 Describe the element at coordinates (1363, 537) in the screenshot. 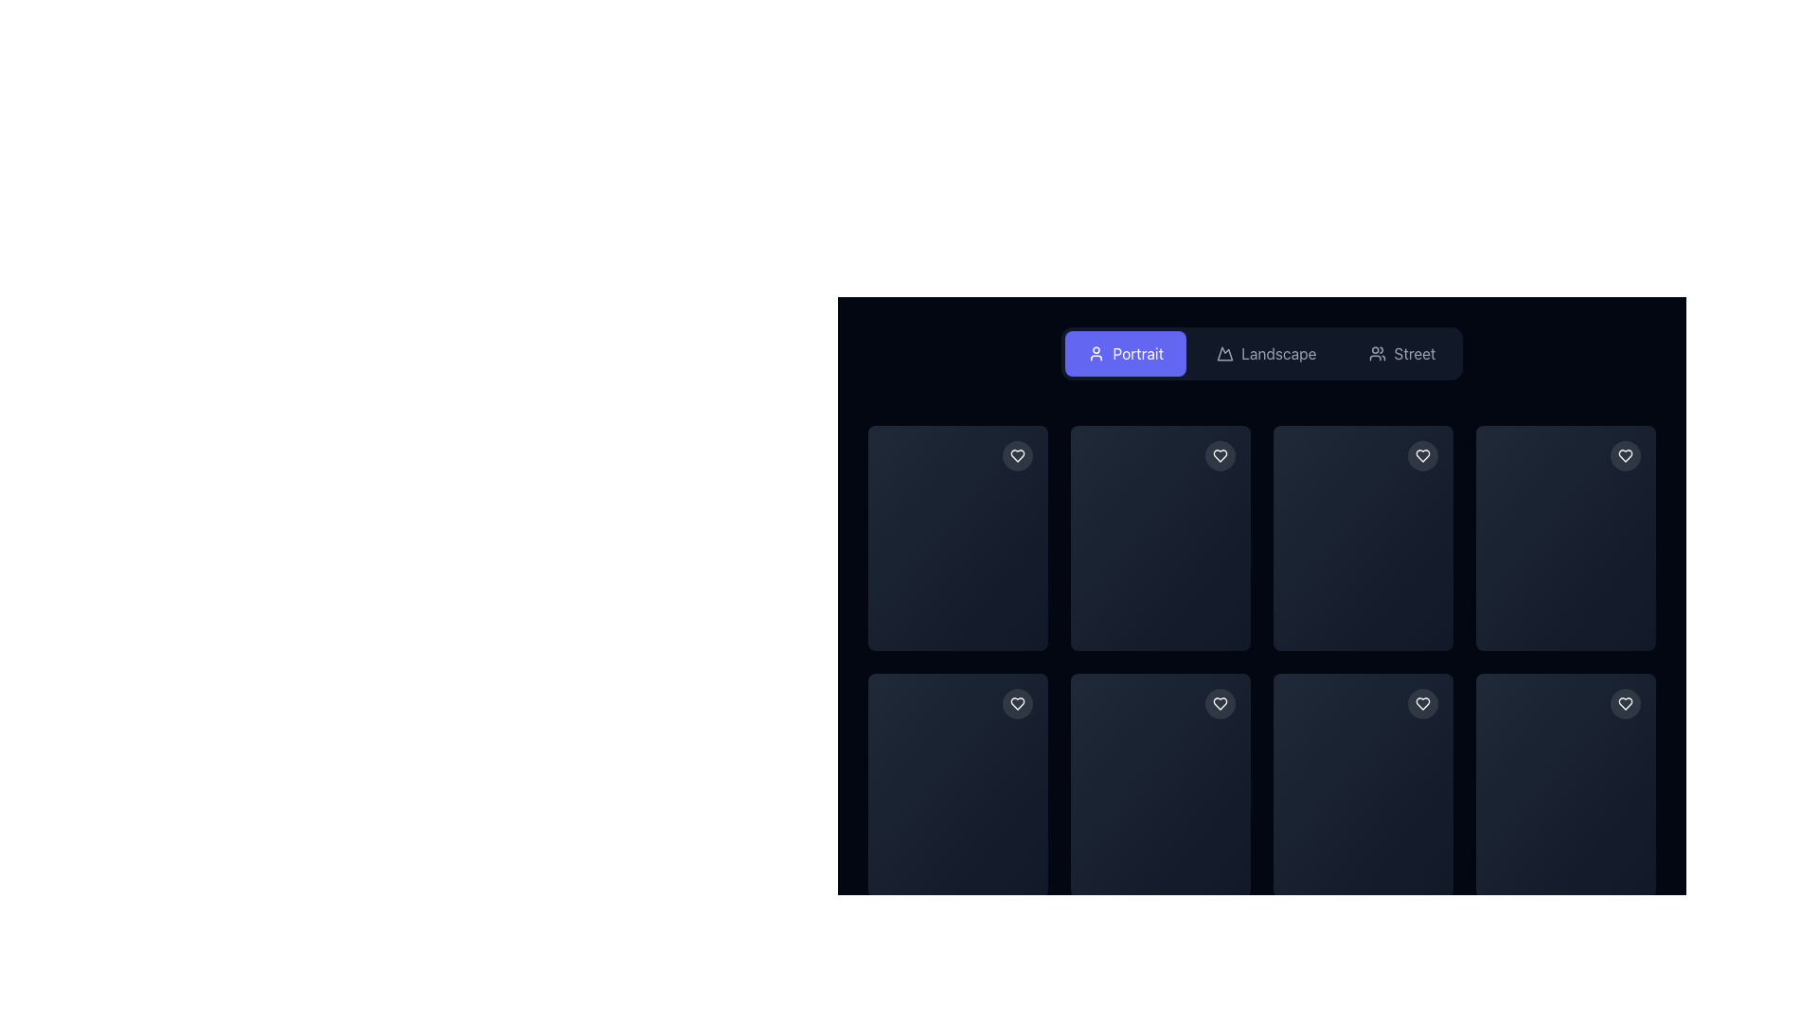

I see `the Image card panel located in the top row, third column of panels within the grid` at that location.